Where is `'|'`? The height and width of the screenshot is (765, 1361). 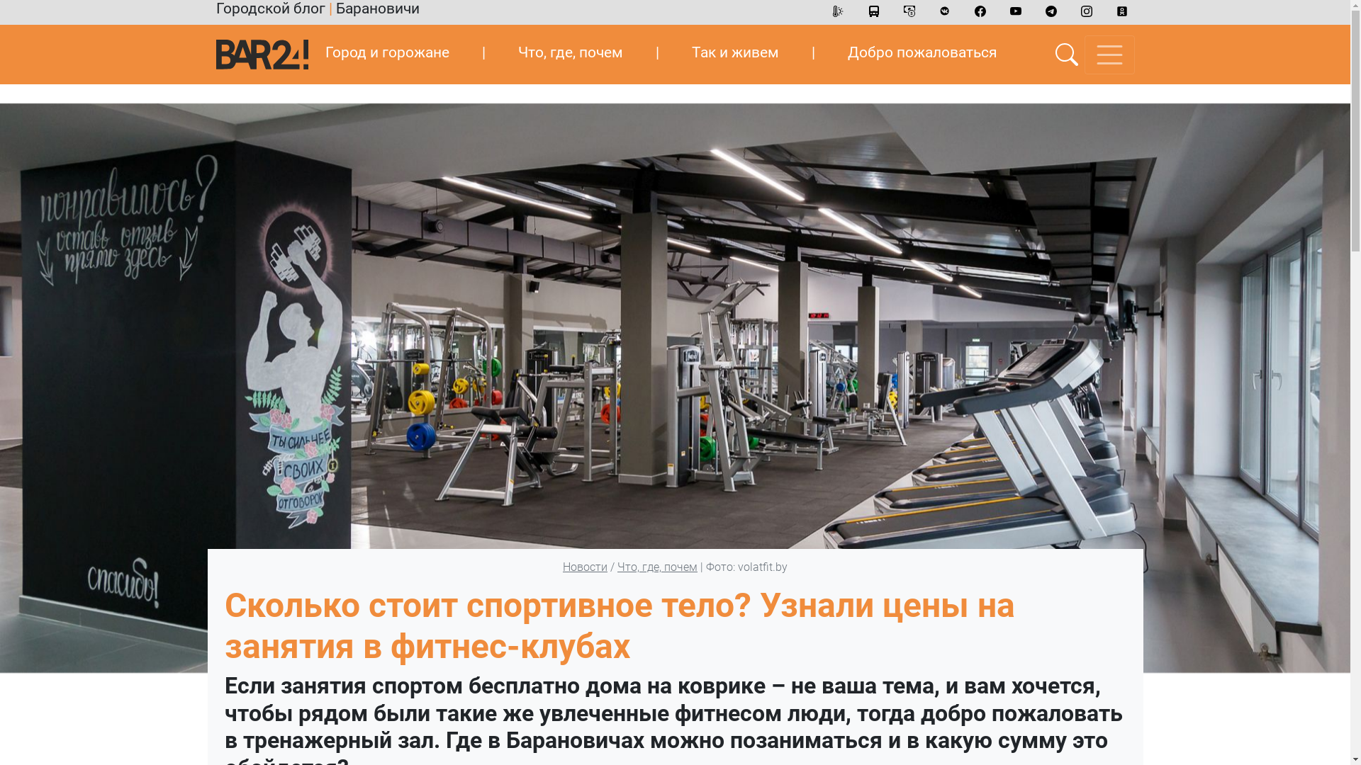 '|' is located at coordinates (656, 52).